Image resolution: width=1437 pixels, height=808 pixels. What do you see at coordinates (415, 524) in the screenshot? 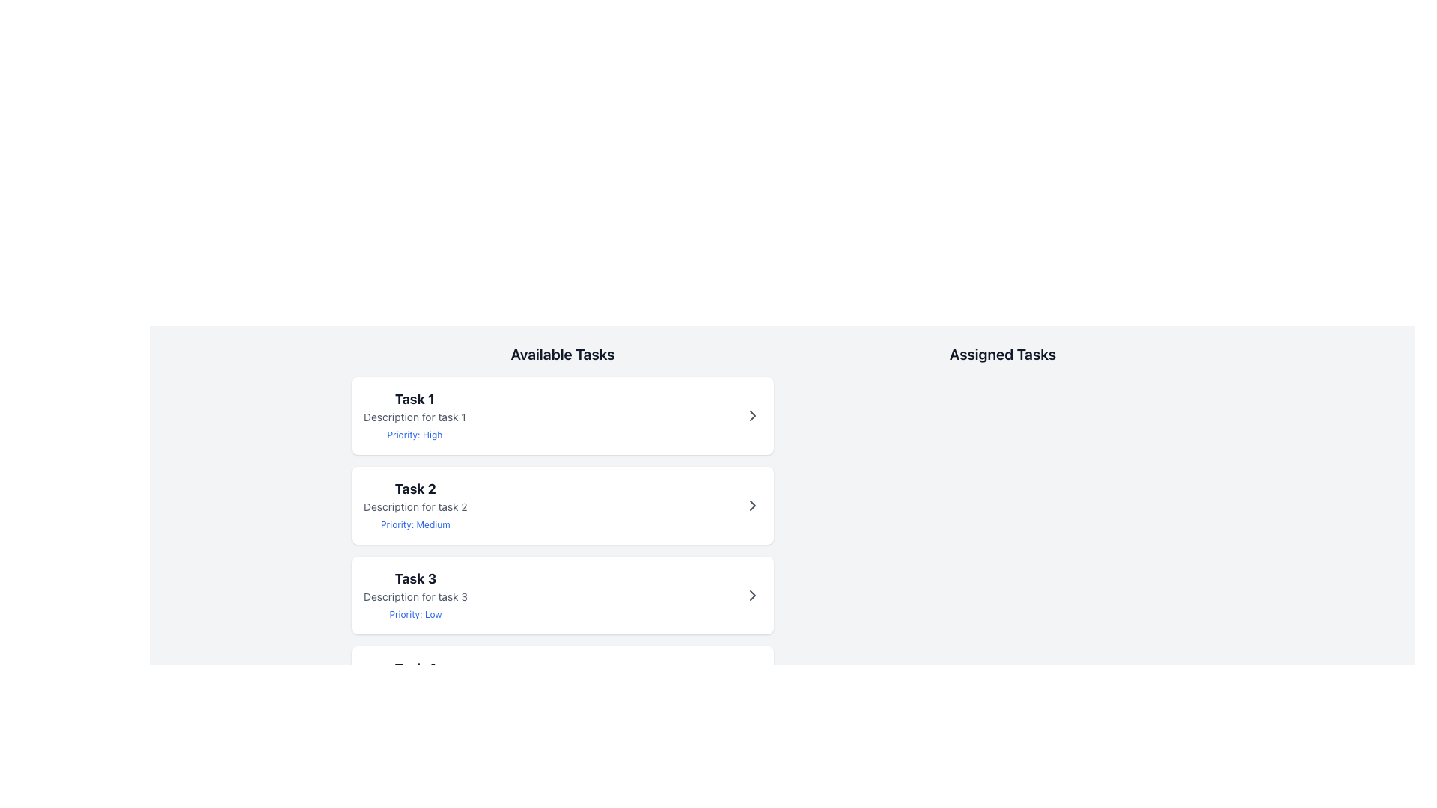
I see `the priority level text label located at the bottom of the second task card in the 'Available Tasks' section to note the priority for task sorting or management` at bounding box center [415, 524].